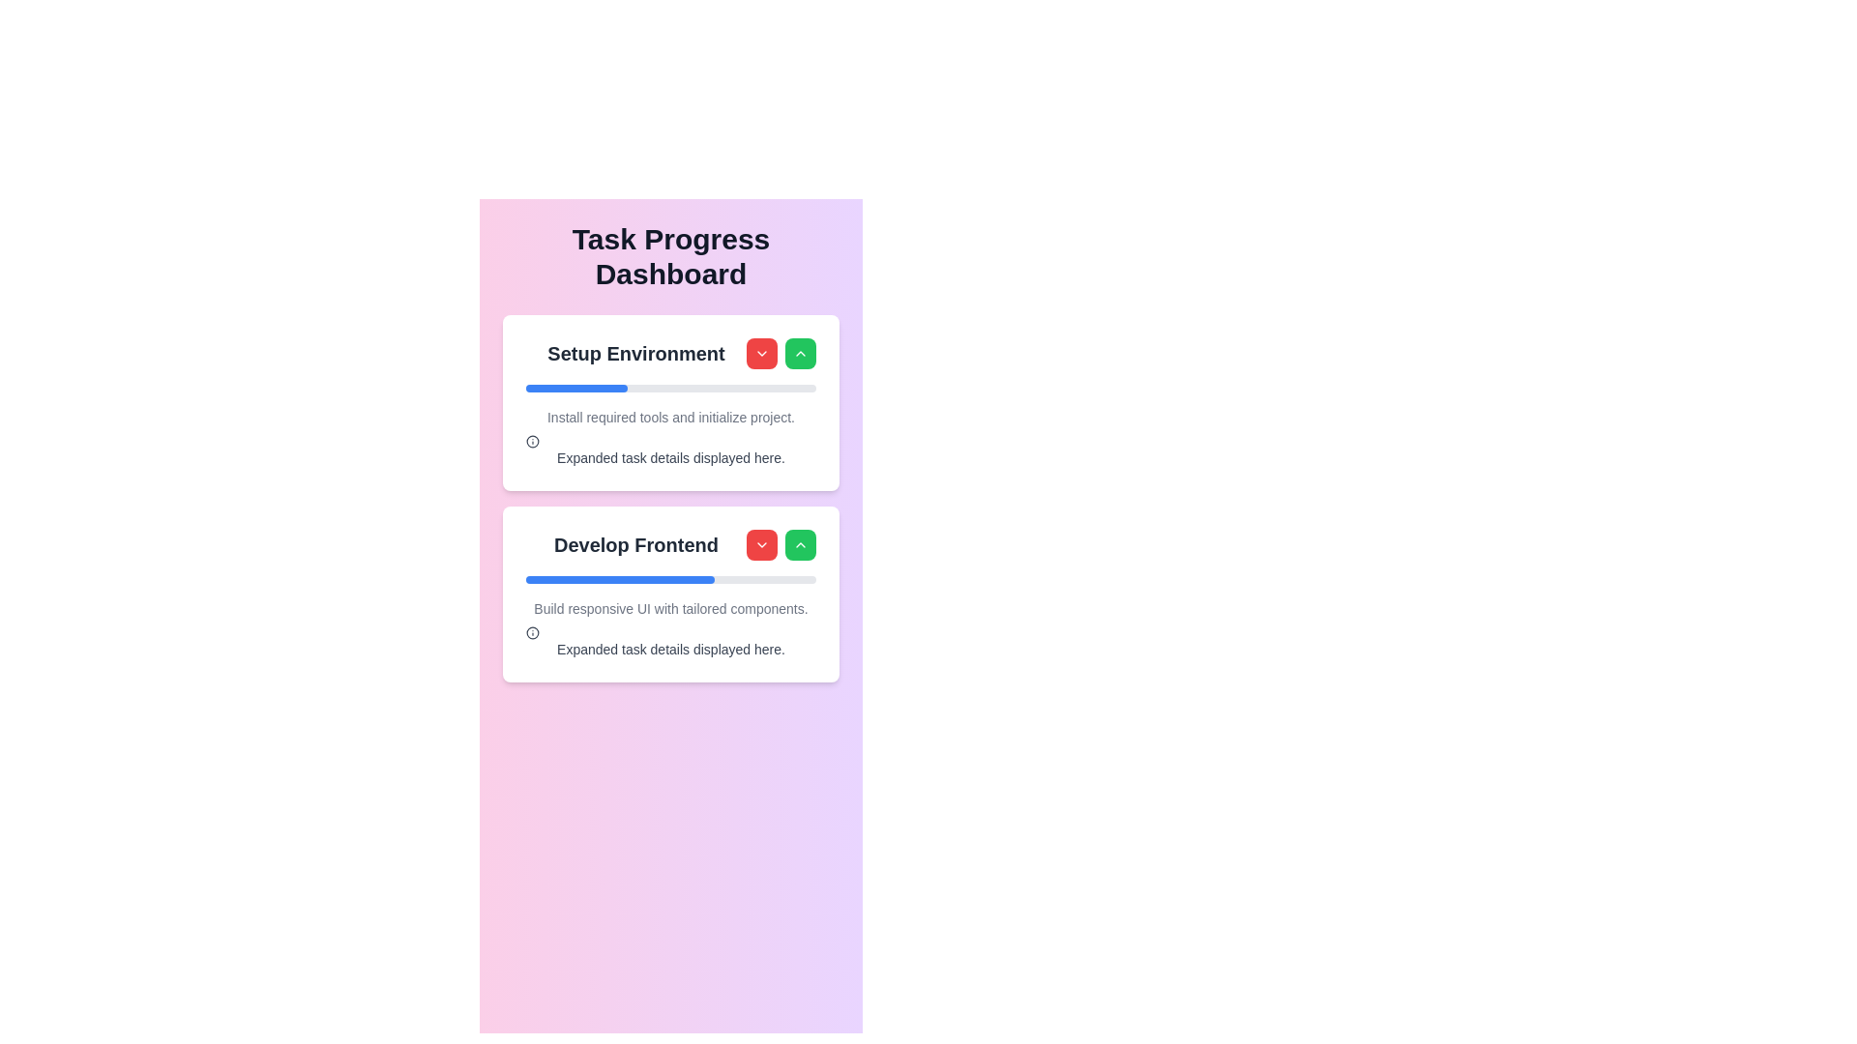 This screenshot has height=1044, width=1857. What do you see at coordinates (781, 354) in the screenshot?
I see `the red button in the top-right corner of the 'Setup Environment' section header` at bounding box center [781, 354].